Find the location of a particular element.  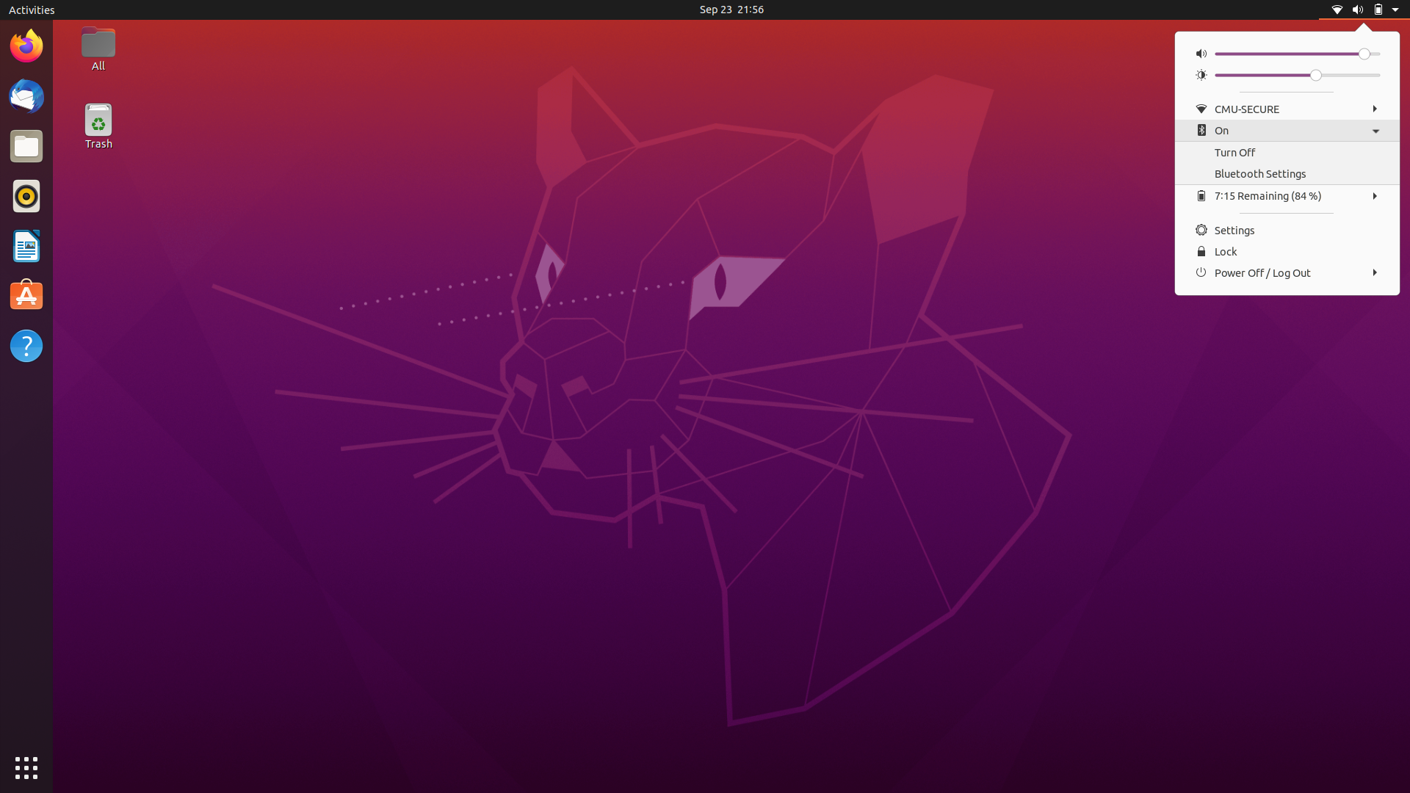

Augment system volume is located at coordinates (2617665, 10705).